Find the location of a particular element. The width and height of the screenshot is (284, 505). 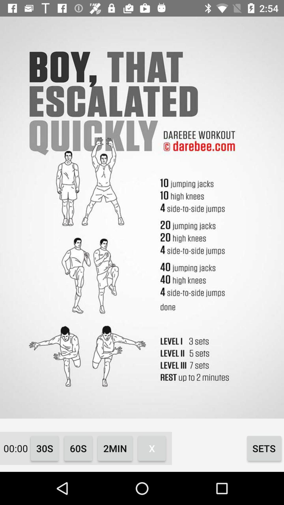

the 2min icon is located at coordinates (115, 448).